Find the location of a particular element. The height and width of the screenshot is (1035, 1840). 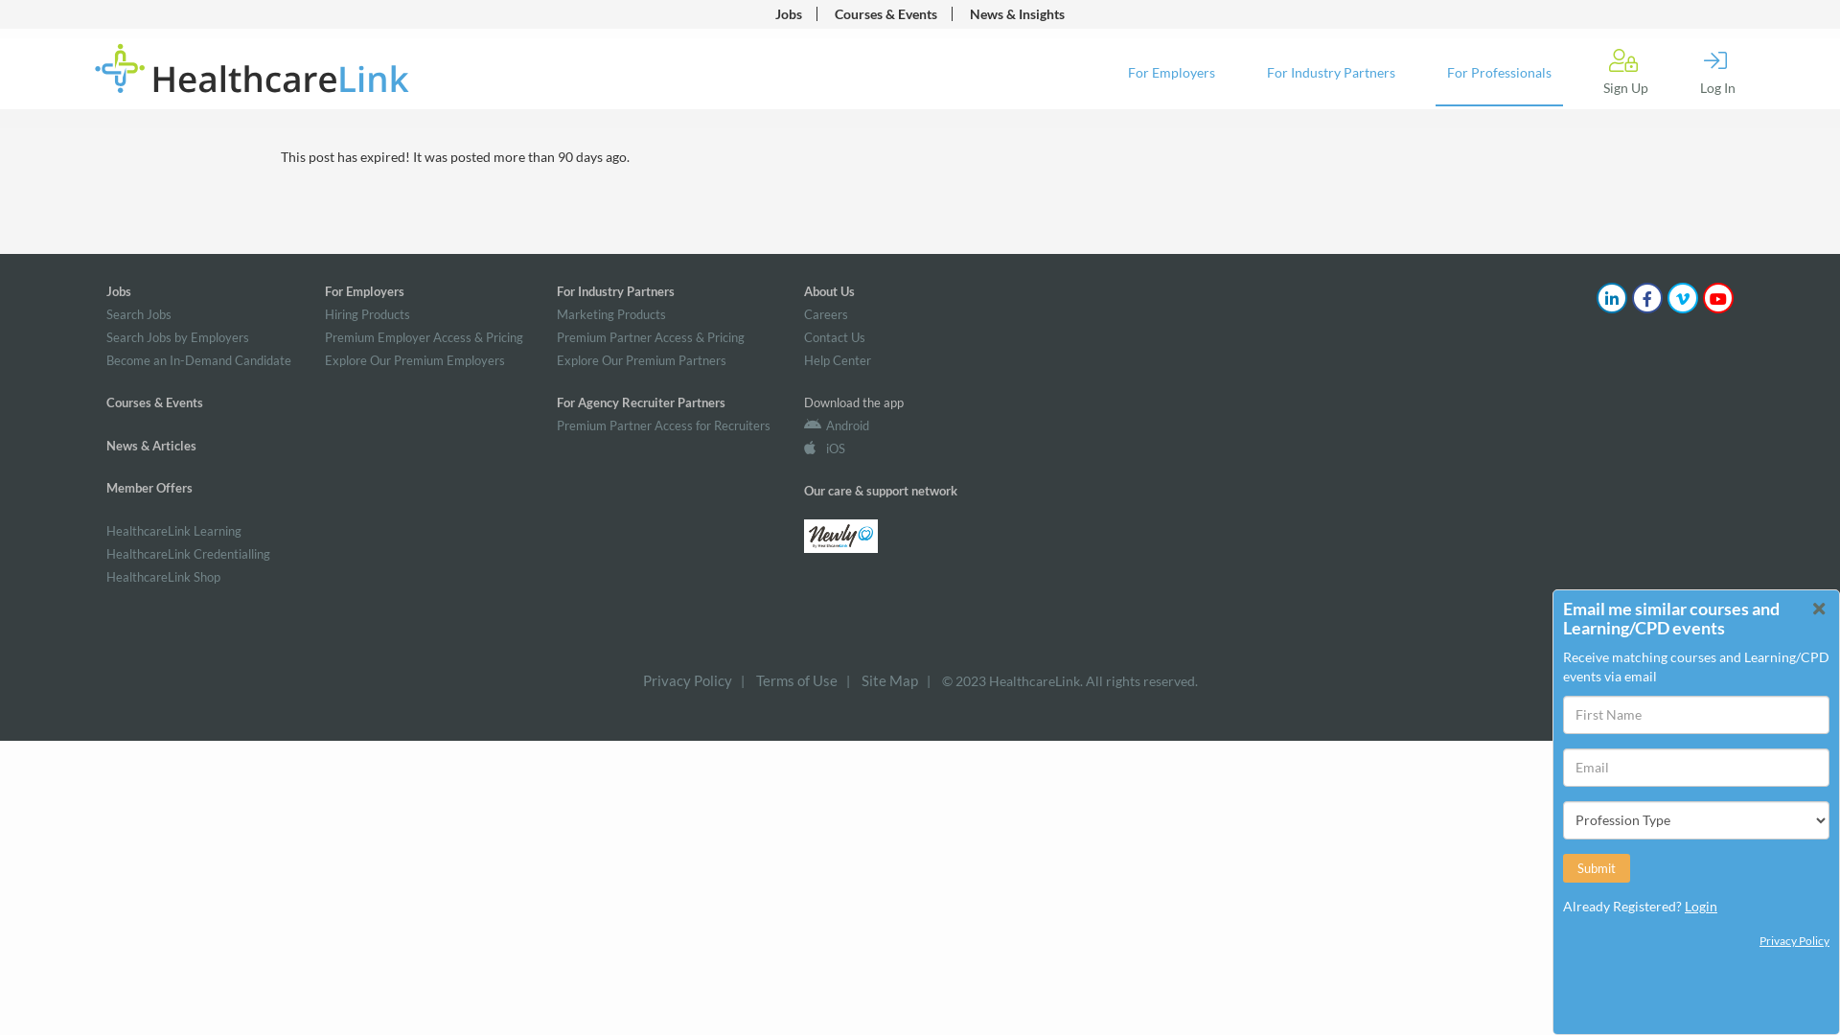

'Log In' is located at coordinates (1717, 72).